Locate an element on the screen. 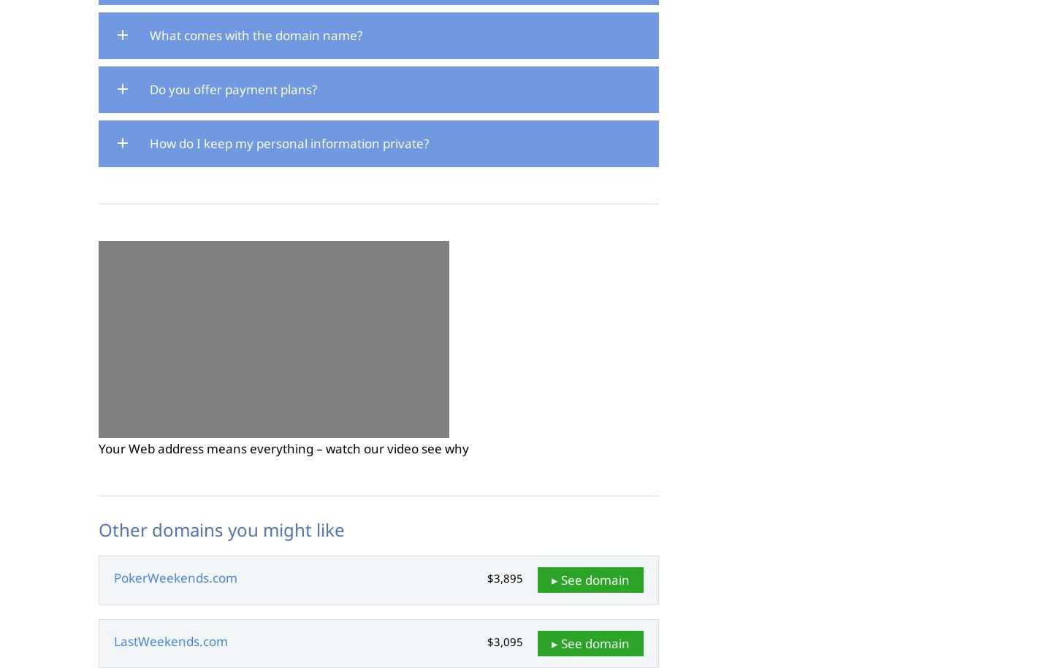 The height and width of the screenshot is (668, 1052). 'LastWeekends.com' is located at coordinates (171, 640).